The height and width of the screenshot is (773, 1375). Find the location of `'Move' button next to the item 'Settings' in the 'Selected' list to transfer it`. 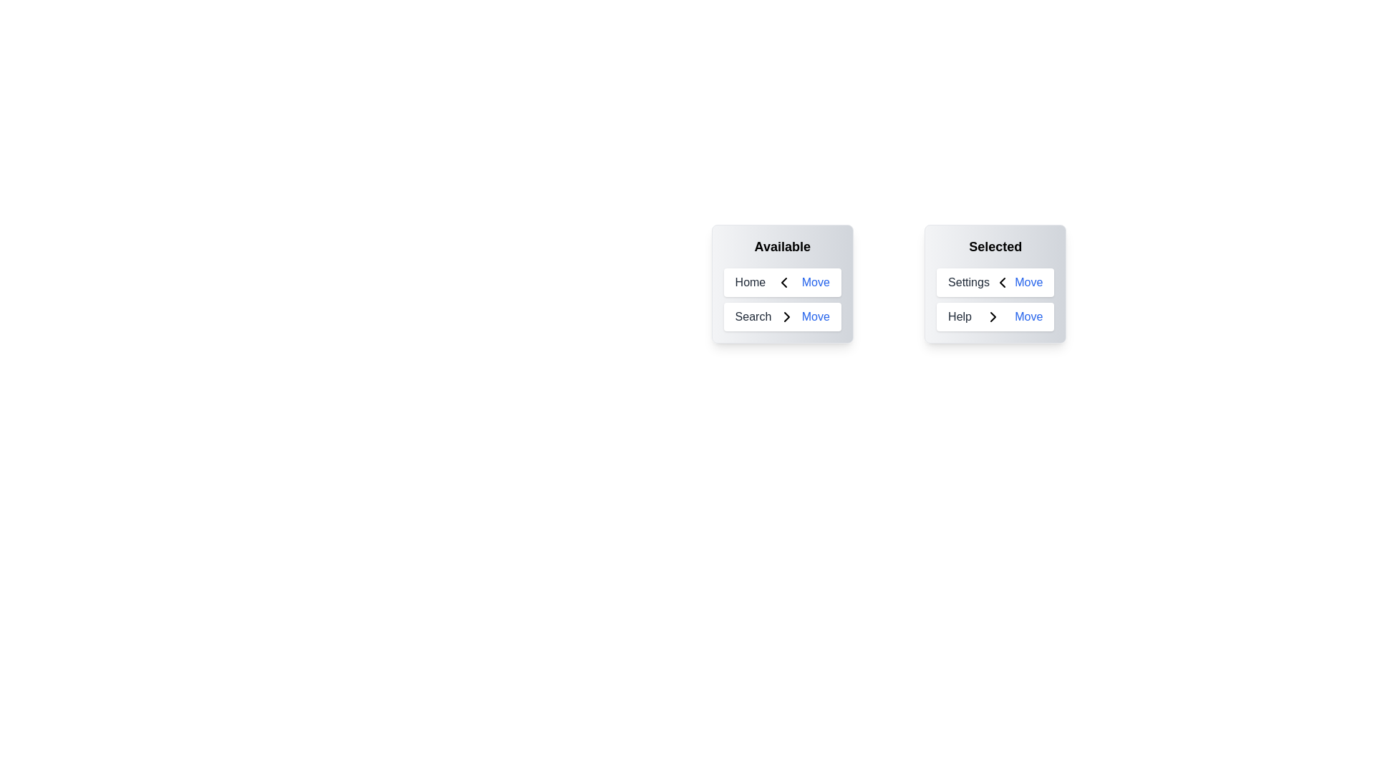

'Move' button next to the item 'Settings' in the 'Selected' list to transfer it is located at coordinates (1028, 282).